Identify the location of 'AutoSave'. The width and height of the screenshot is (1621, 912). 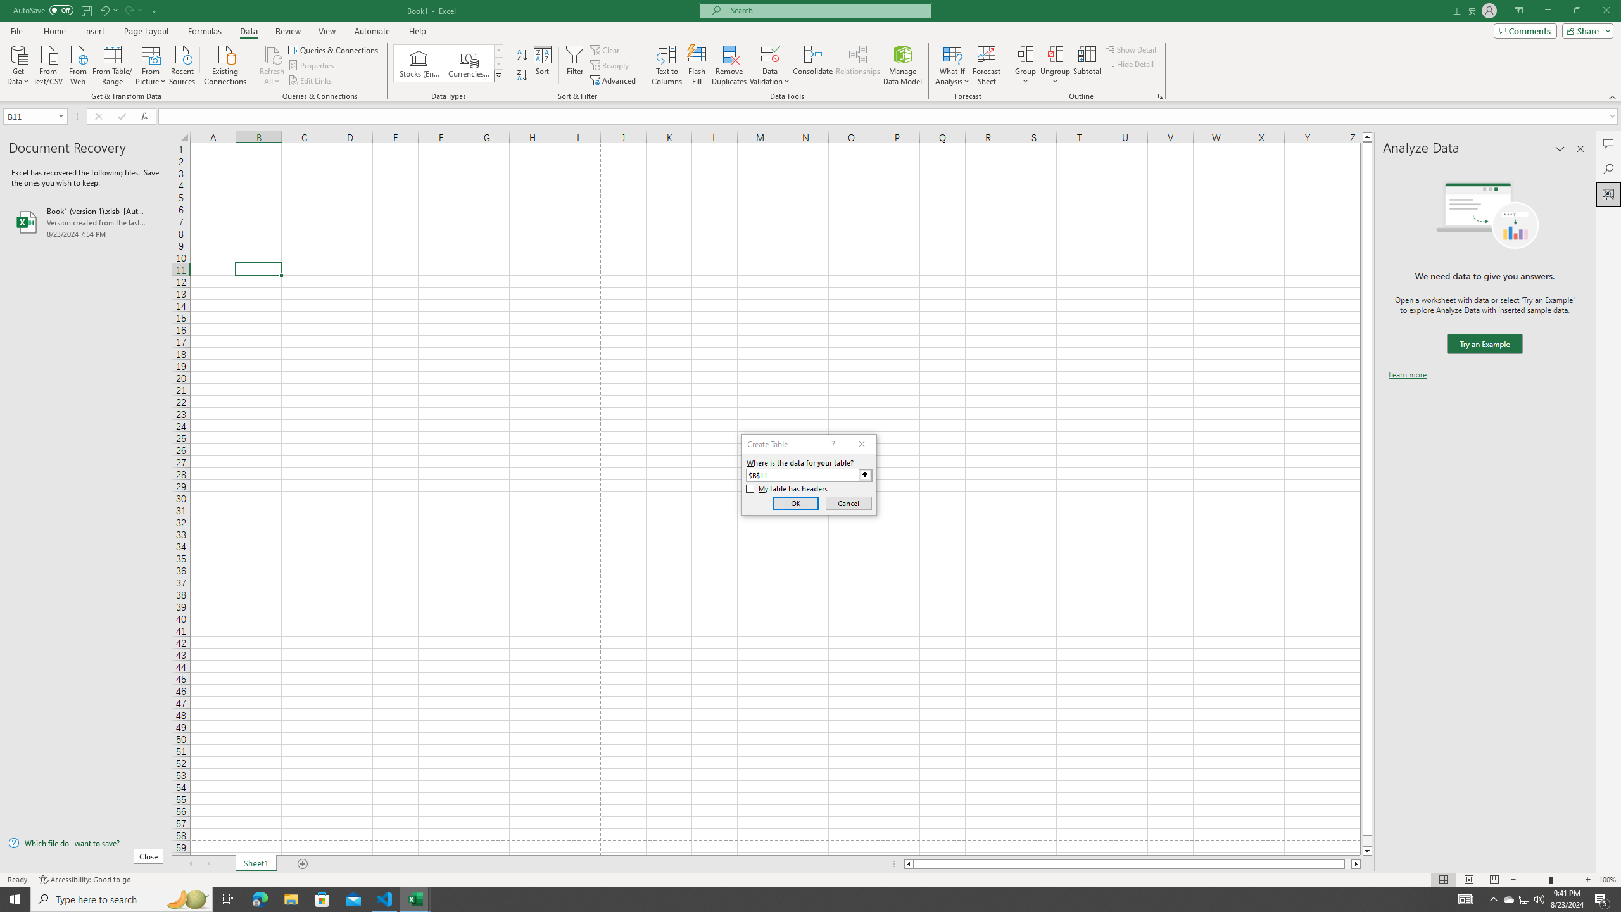
(44, 9).